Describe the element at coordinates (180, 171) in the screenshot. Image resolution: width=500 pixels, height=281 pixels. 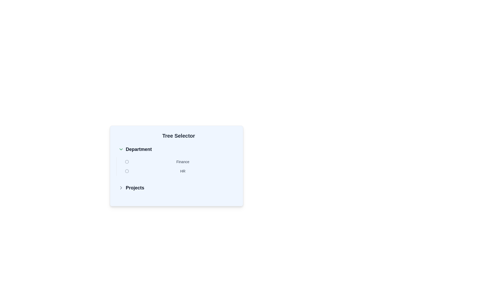
I see `the 'HR' department item in the selectable list under the 'Department' section of the tree selector panel` at that location.